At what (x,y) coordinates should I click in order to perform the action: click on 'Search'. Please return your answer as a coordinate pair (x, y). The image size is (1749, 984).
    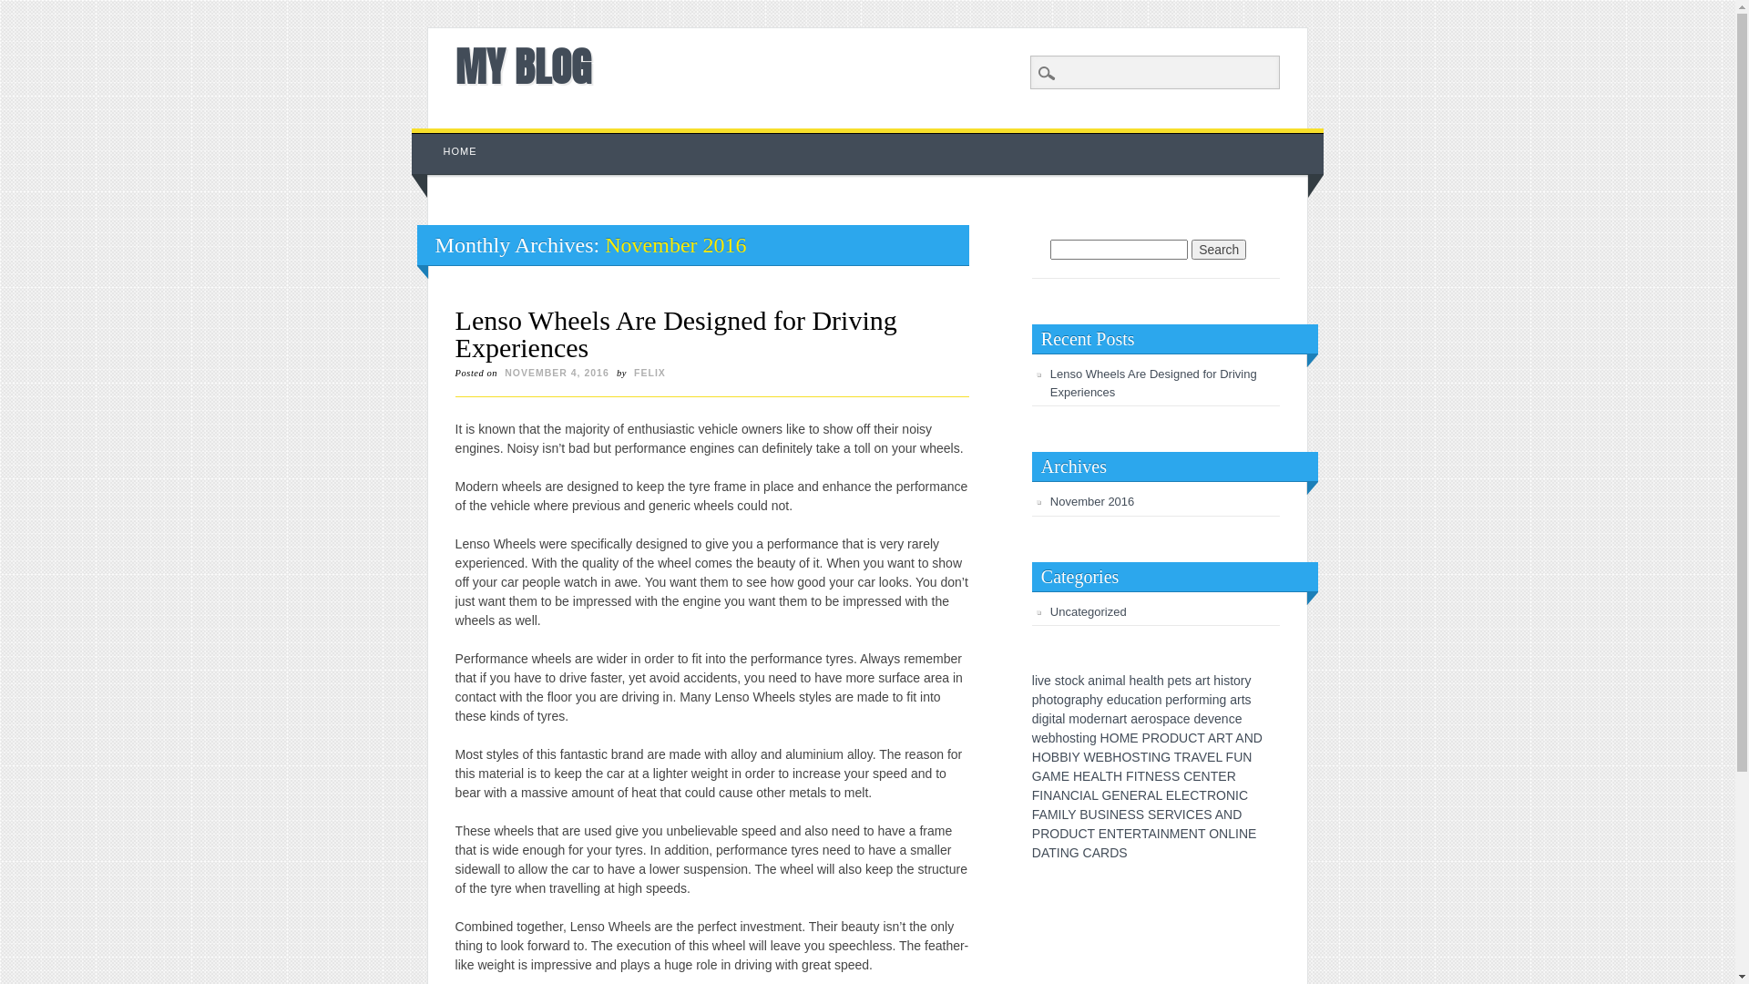
    Looking at the image, I should click on (26, 10).